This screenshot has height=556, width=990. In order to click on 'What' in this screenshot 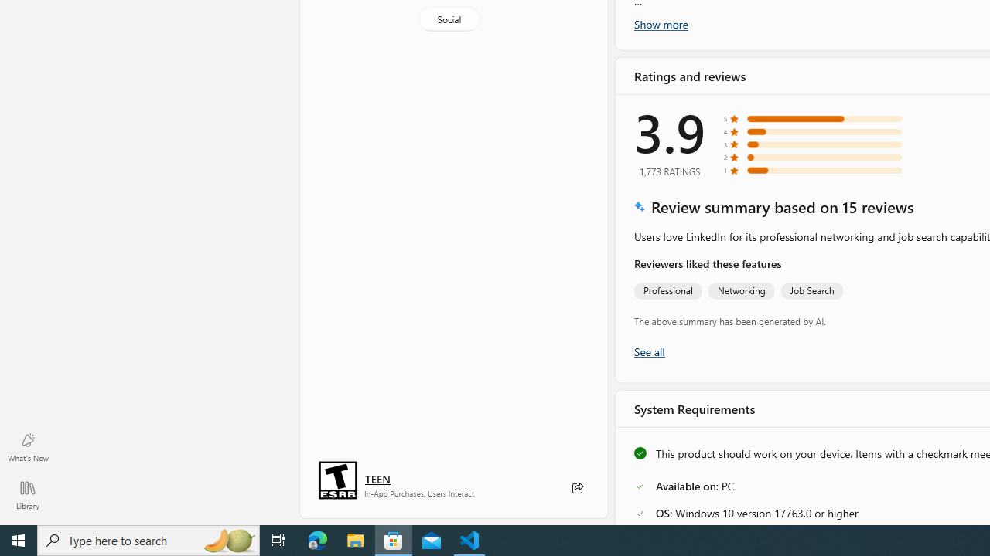, I will do `click(27, 446)`.